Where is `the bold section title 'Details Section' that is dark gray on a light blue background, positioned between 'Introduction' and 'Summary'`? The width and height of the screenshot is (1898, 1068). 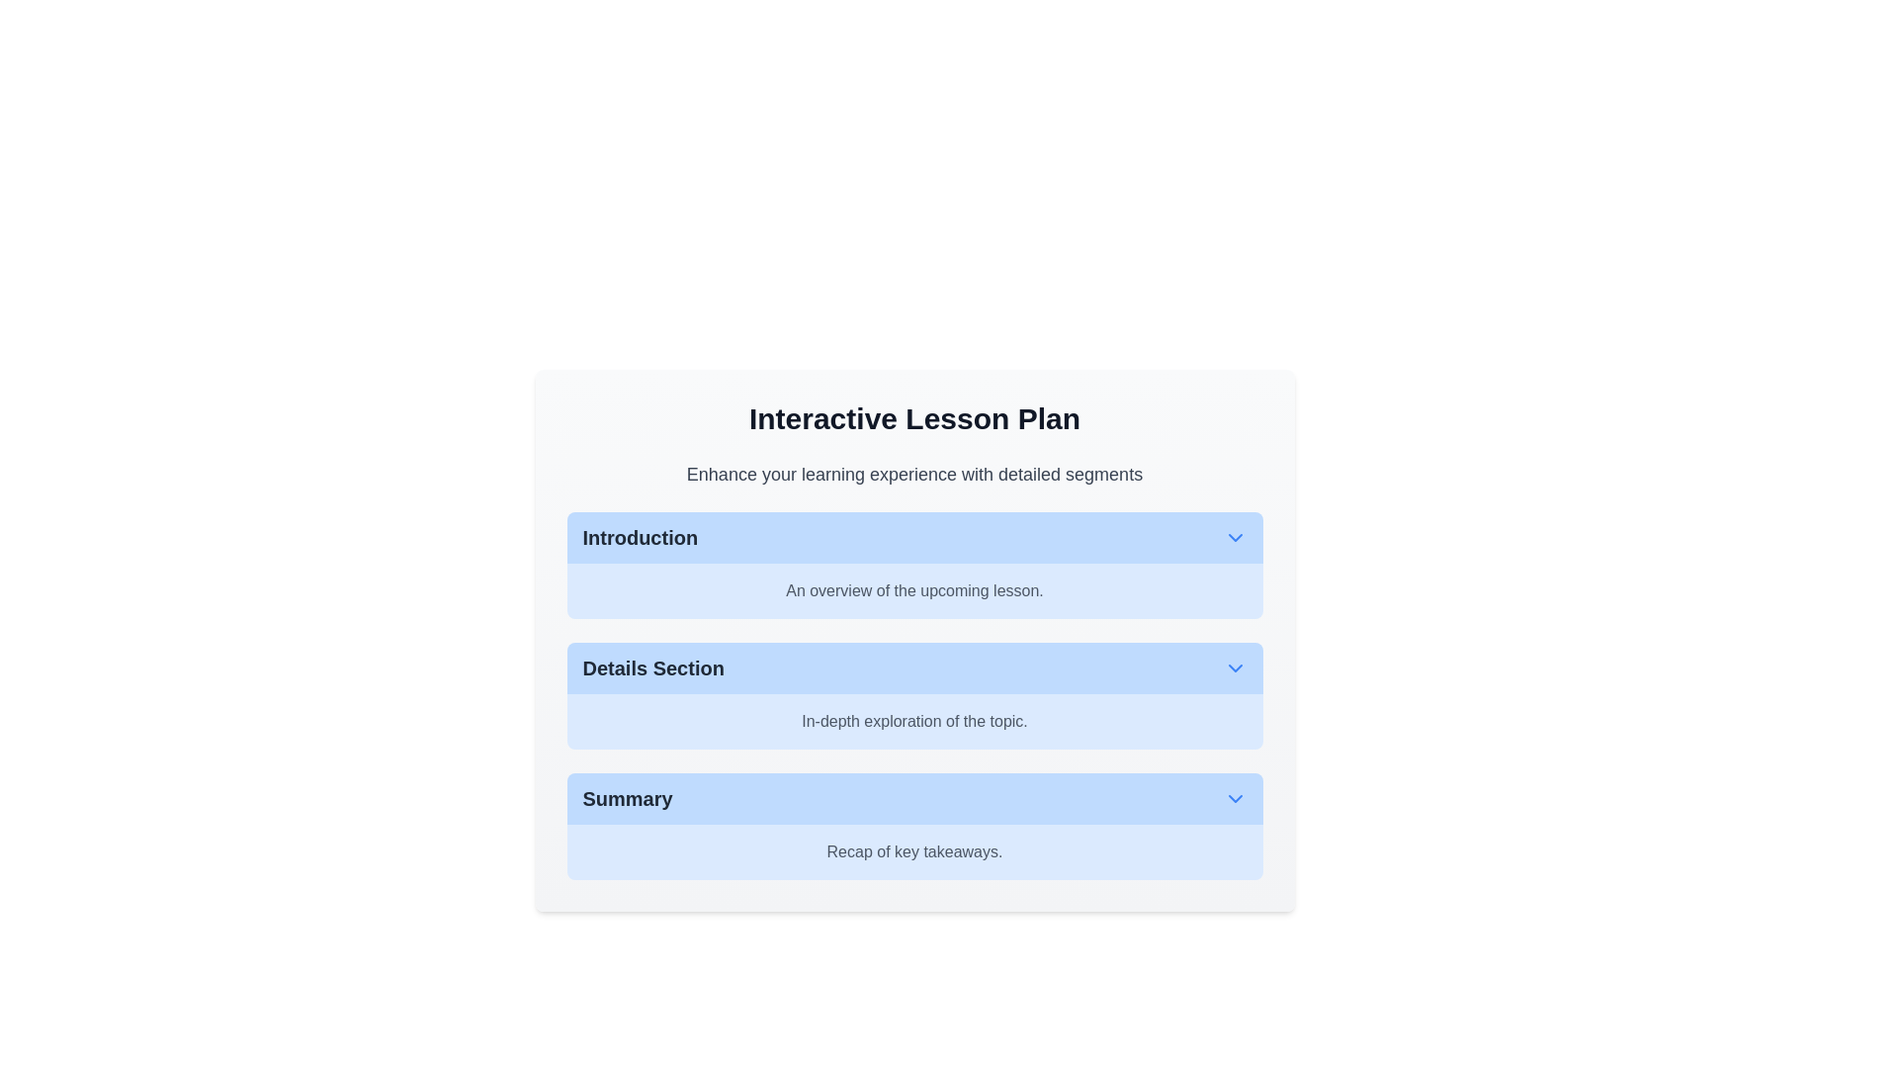 the bold section title 'Details Section' that is dark gray on a light blue background, positioned between 'Introduction' and 'Summary' is located at coordinates (653, 667).